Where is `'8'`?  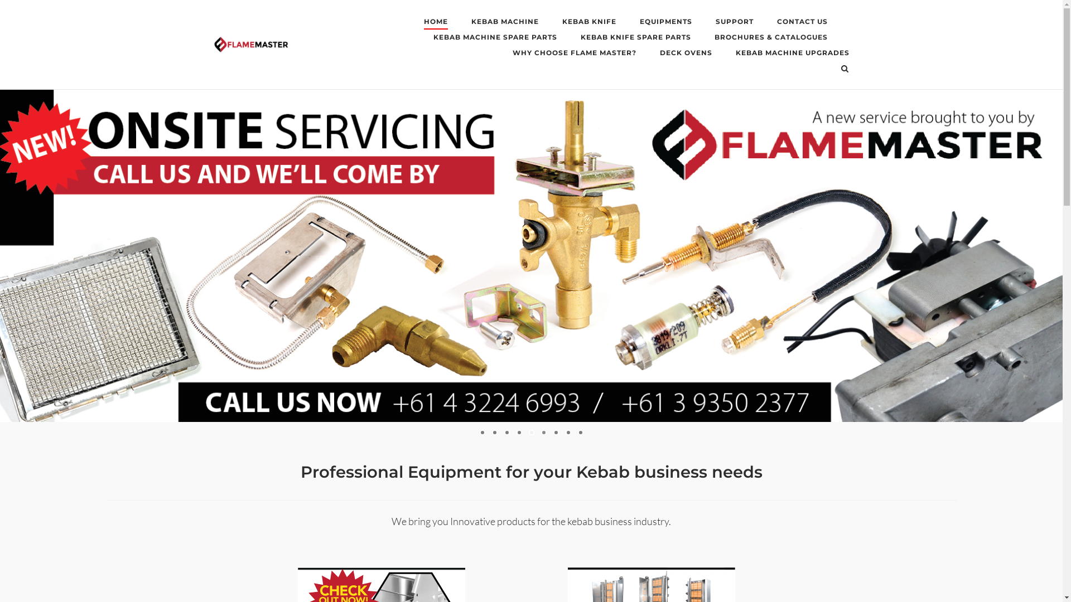 '8' is located at coordinates (568, 431).